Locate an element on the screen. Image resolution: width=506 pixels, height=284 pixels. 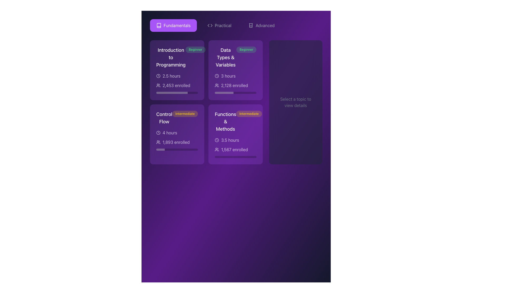
the 'users' icon that visually represents the concept of participants, located in the bottom-right card of the grid, preceding the textual content '1,567 enrolled' is located at coordinates (217, 150).